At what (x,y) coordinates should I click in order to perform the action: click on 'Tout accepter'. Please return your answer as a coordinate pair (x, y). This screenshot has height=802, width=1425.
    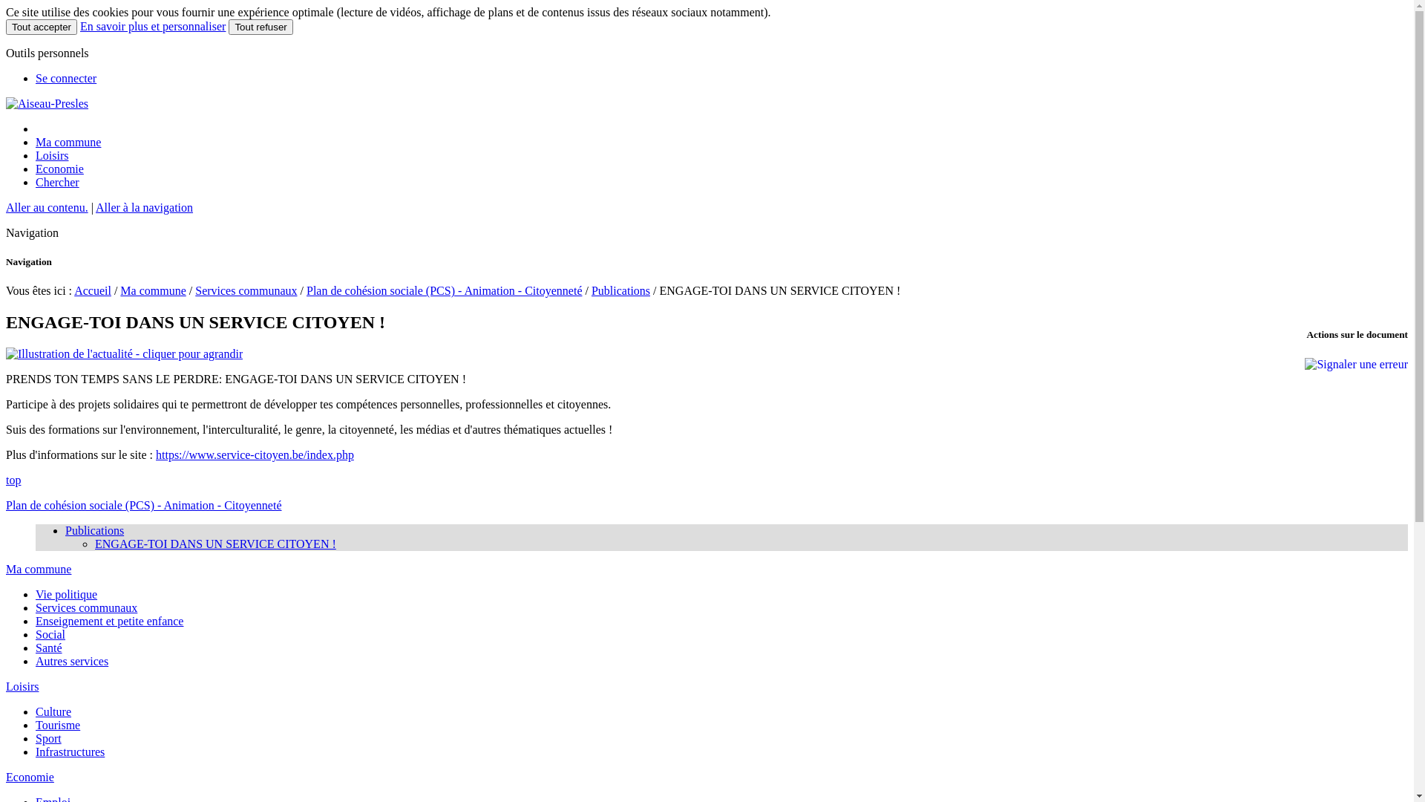
    Looking at the image, I should click on (42, 27).